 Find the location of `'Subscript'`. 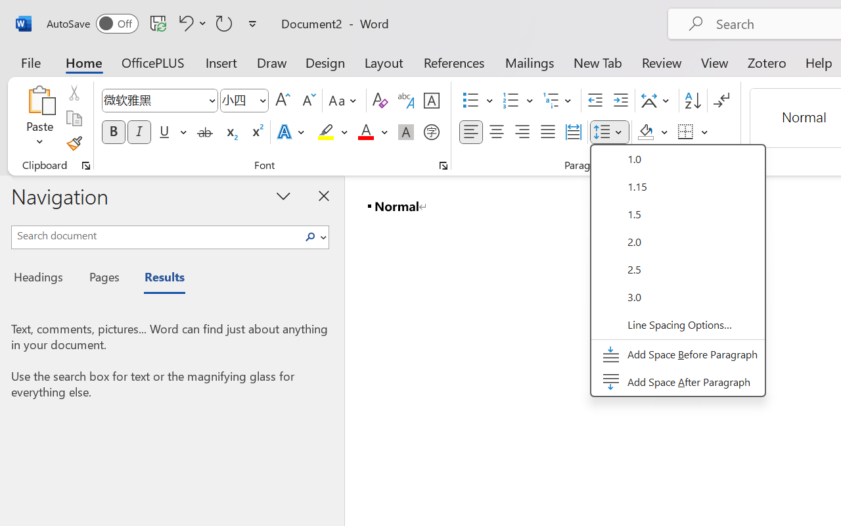

'Subscript' is located at coordinates (230, 132).